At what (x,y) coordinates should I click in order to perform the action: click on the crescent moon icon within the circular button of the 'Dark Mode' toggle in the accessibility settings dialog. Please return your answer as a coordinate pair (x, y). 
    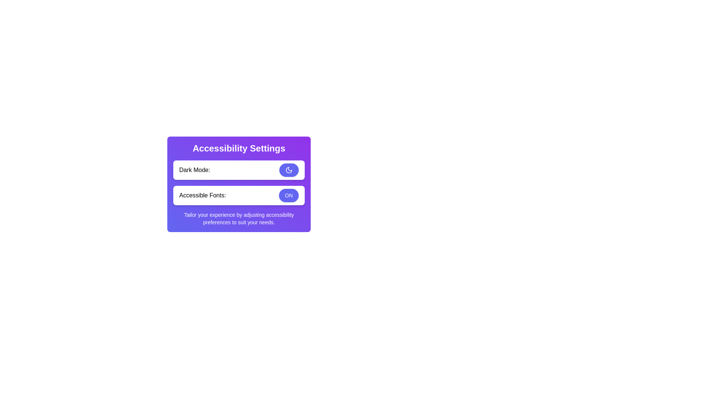
    Looking at the image, I should click on (288, 170).